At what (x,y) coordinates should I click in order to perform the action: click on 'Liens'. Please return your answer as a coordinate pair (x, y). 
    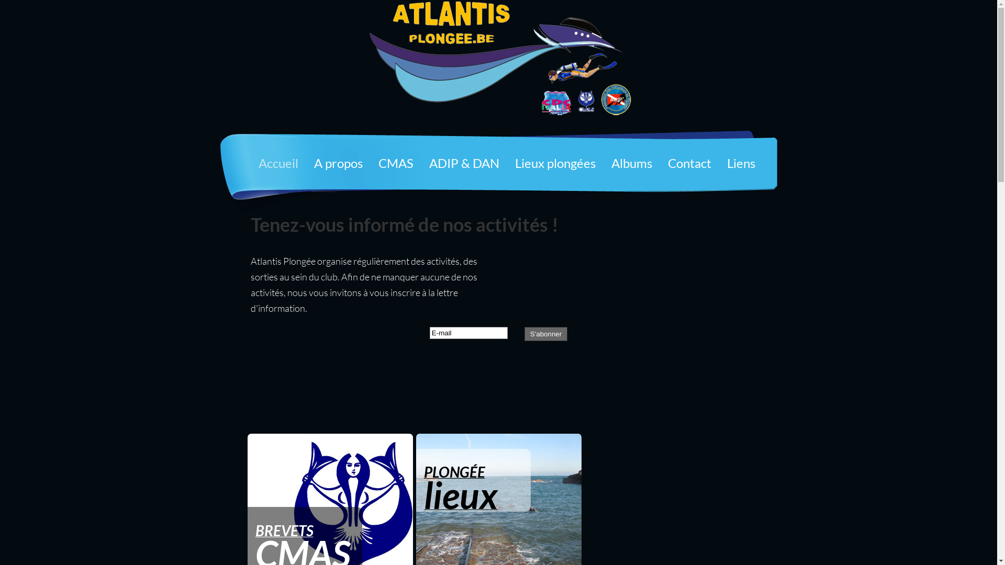
    Looking at the image, I should click on (741, 165).